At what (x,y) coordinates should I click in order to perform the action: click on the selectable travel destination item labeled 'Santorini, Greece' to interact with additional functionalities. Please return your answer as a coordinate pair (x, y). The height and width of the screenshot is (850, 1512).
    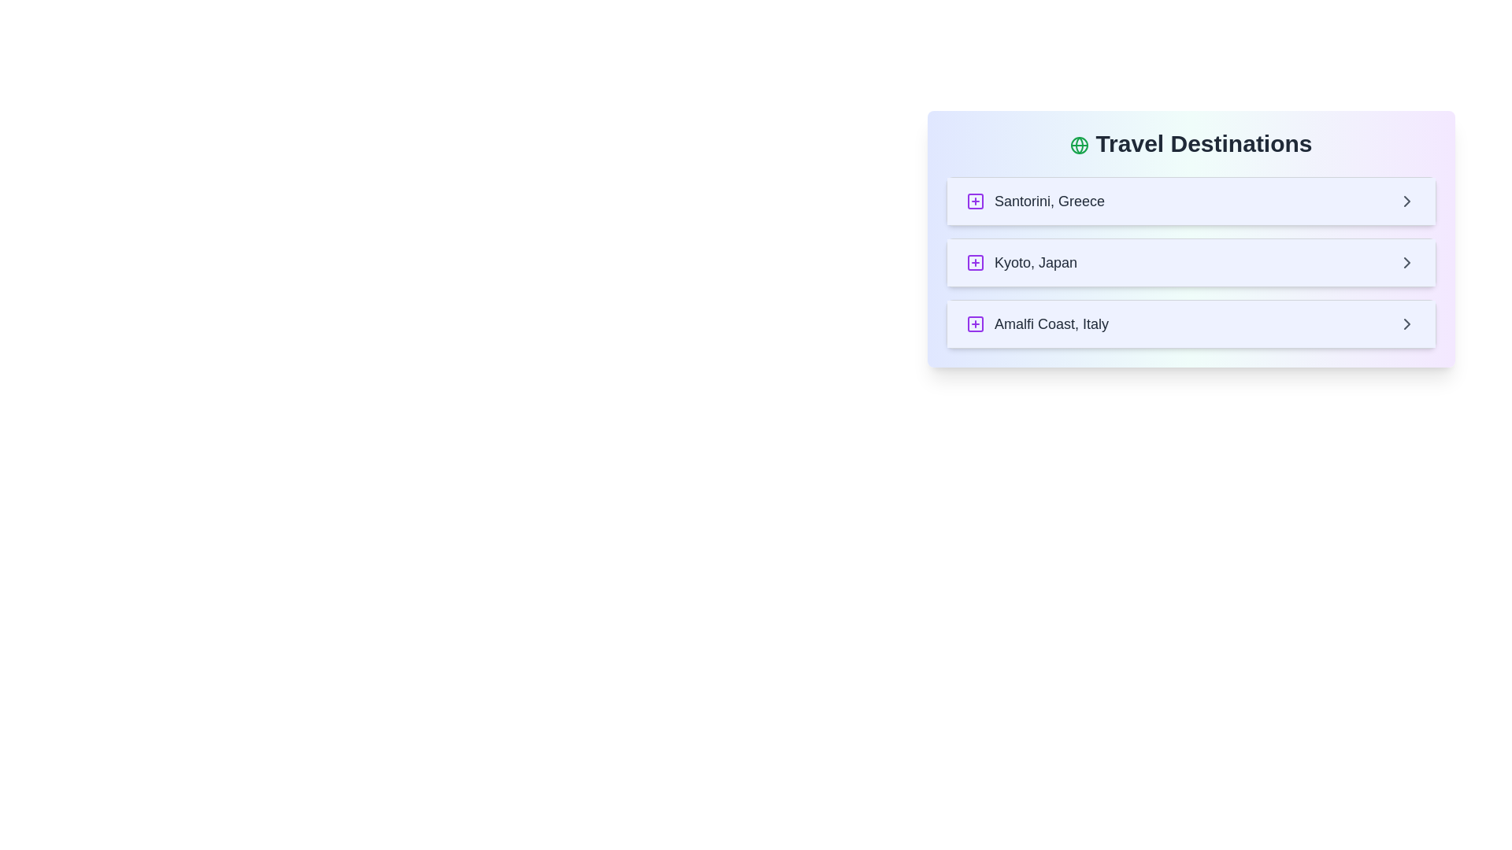
    Looking at the image, I should click on (1191, 200).